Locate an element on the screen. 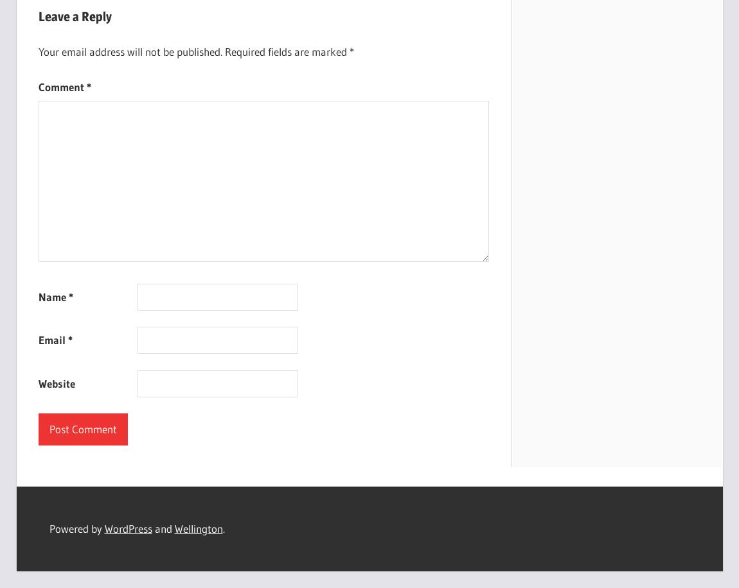 Image resolution: width=739 pixels, height=588 pixels. 'Website' is located at coordinates (55, 383).